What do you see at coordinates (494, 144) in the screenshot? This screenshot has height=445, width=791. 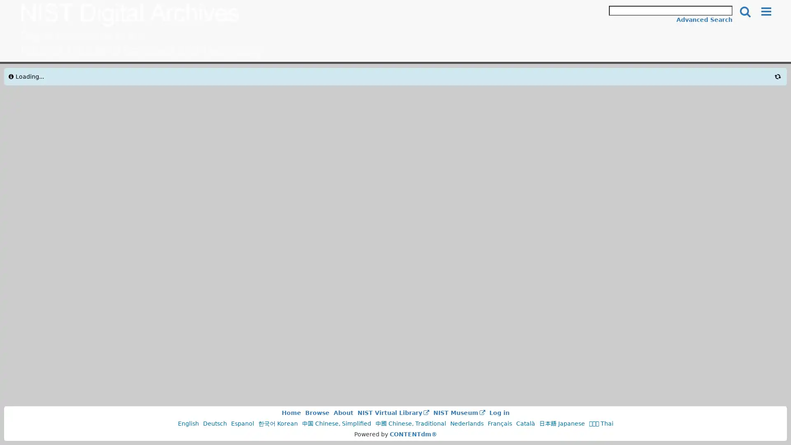 I see `Page 4` at bounding box center [494, 144].